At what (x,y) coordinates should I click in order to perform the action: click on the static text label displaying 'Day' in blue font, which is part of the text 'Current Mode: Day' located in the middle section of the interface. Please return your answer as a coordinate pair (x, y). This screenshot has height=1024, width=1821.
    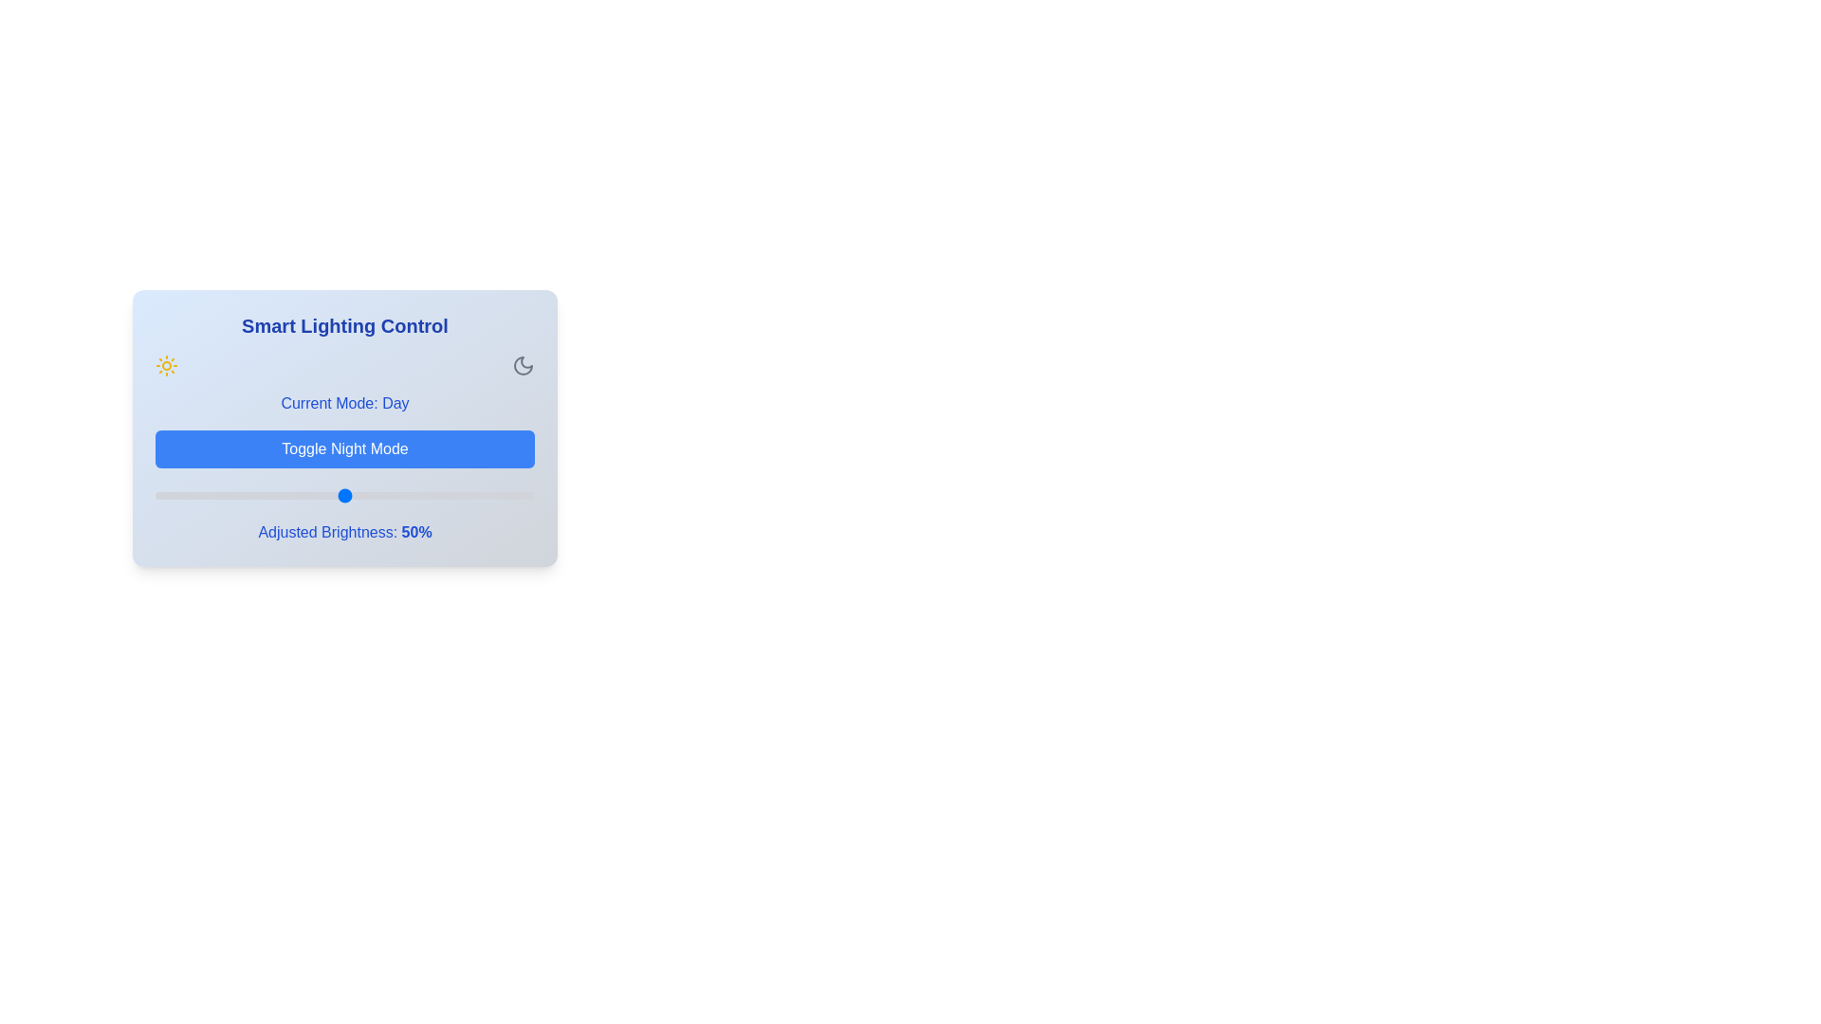
    Looking at the image, I should click on (395, 402).